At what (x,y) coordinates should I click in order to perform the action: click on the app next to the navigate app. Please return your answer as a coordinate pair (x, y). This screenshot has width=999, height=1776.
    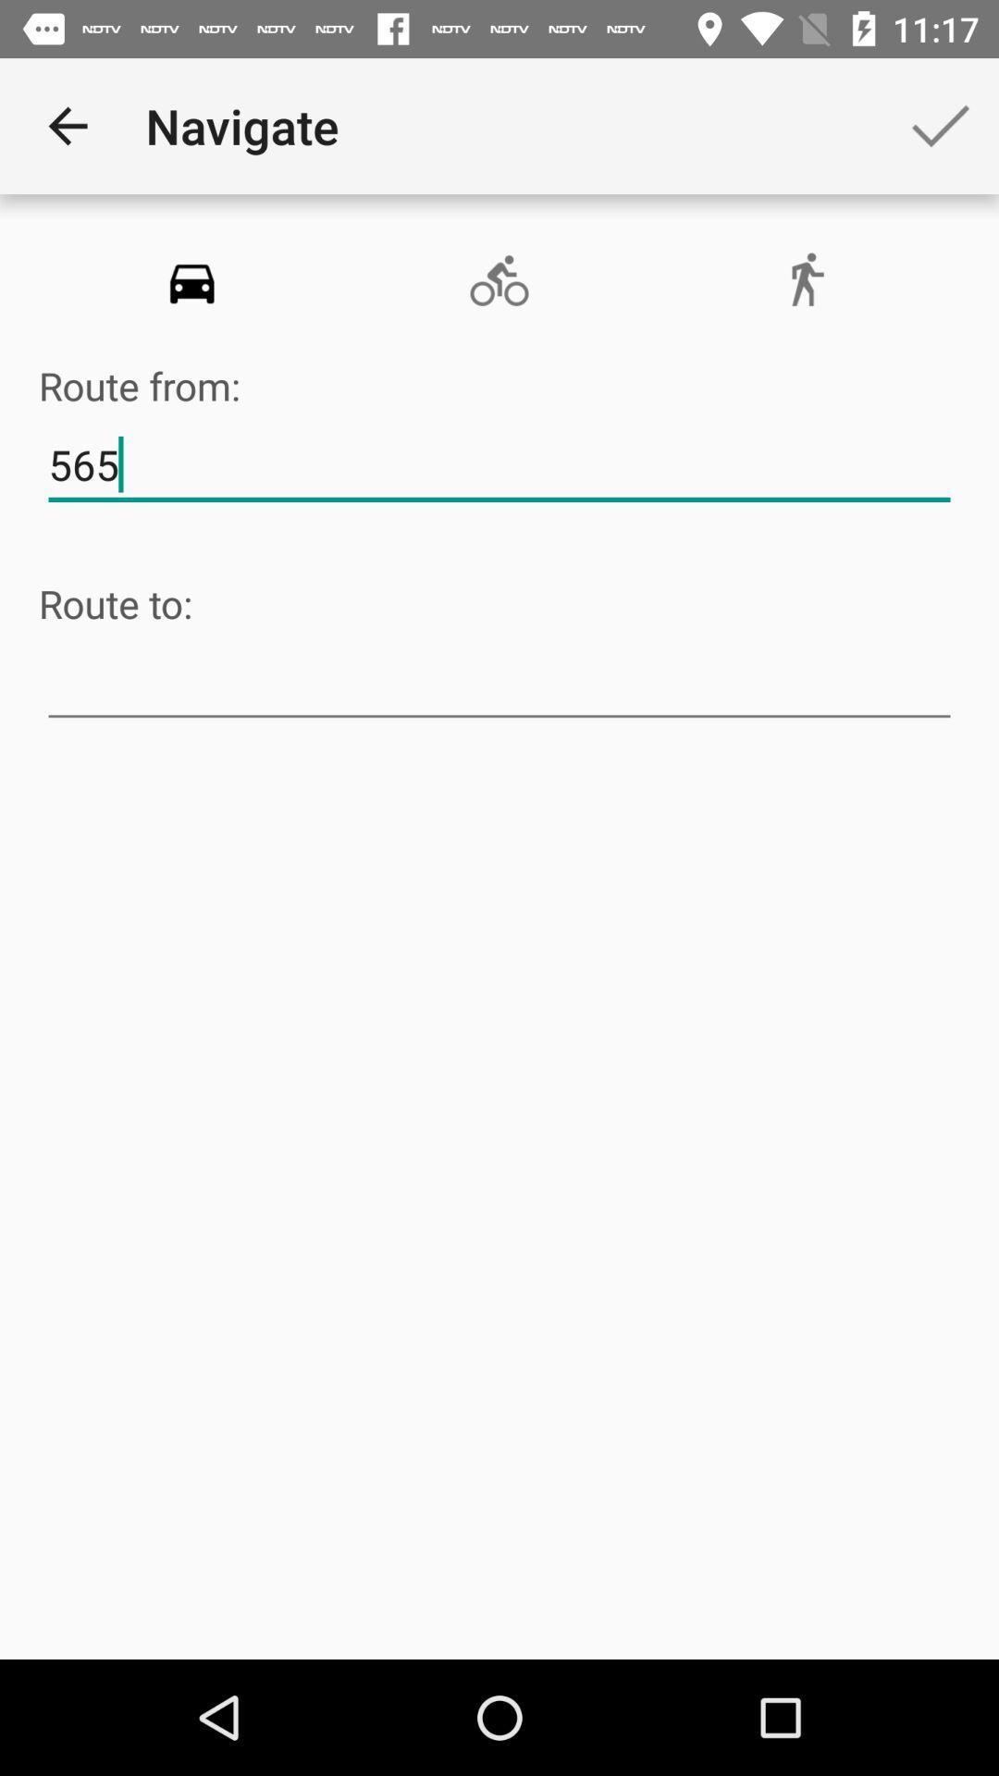
    Looking at the image, I should click on (941, 125).